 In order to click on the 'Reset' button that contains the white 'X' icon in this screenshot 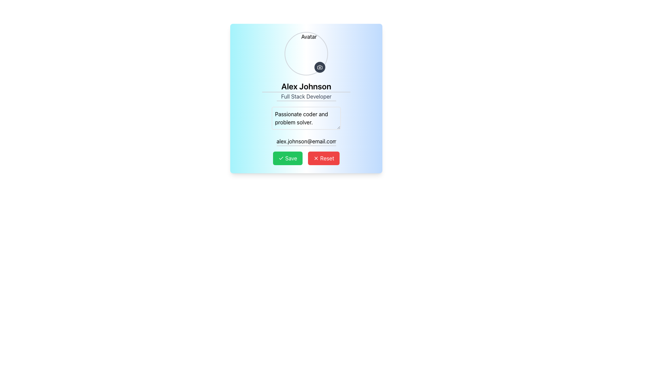, I will do `click(316, 158)`.